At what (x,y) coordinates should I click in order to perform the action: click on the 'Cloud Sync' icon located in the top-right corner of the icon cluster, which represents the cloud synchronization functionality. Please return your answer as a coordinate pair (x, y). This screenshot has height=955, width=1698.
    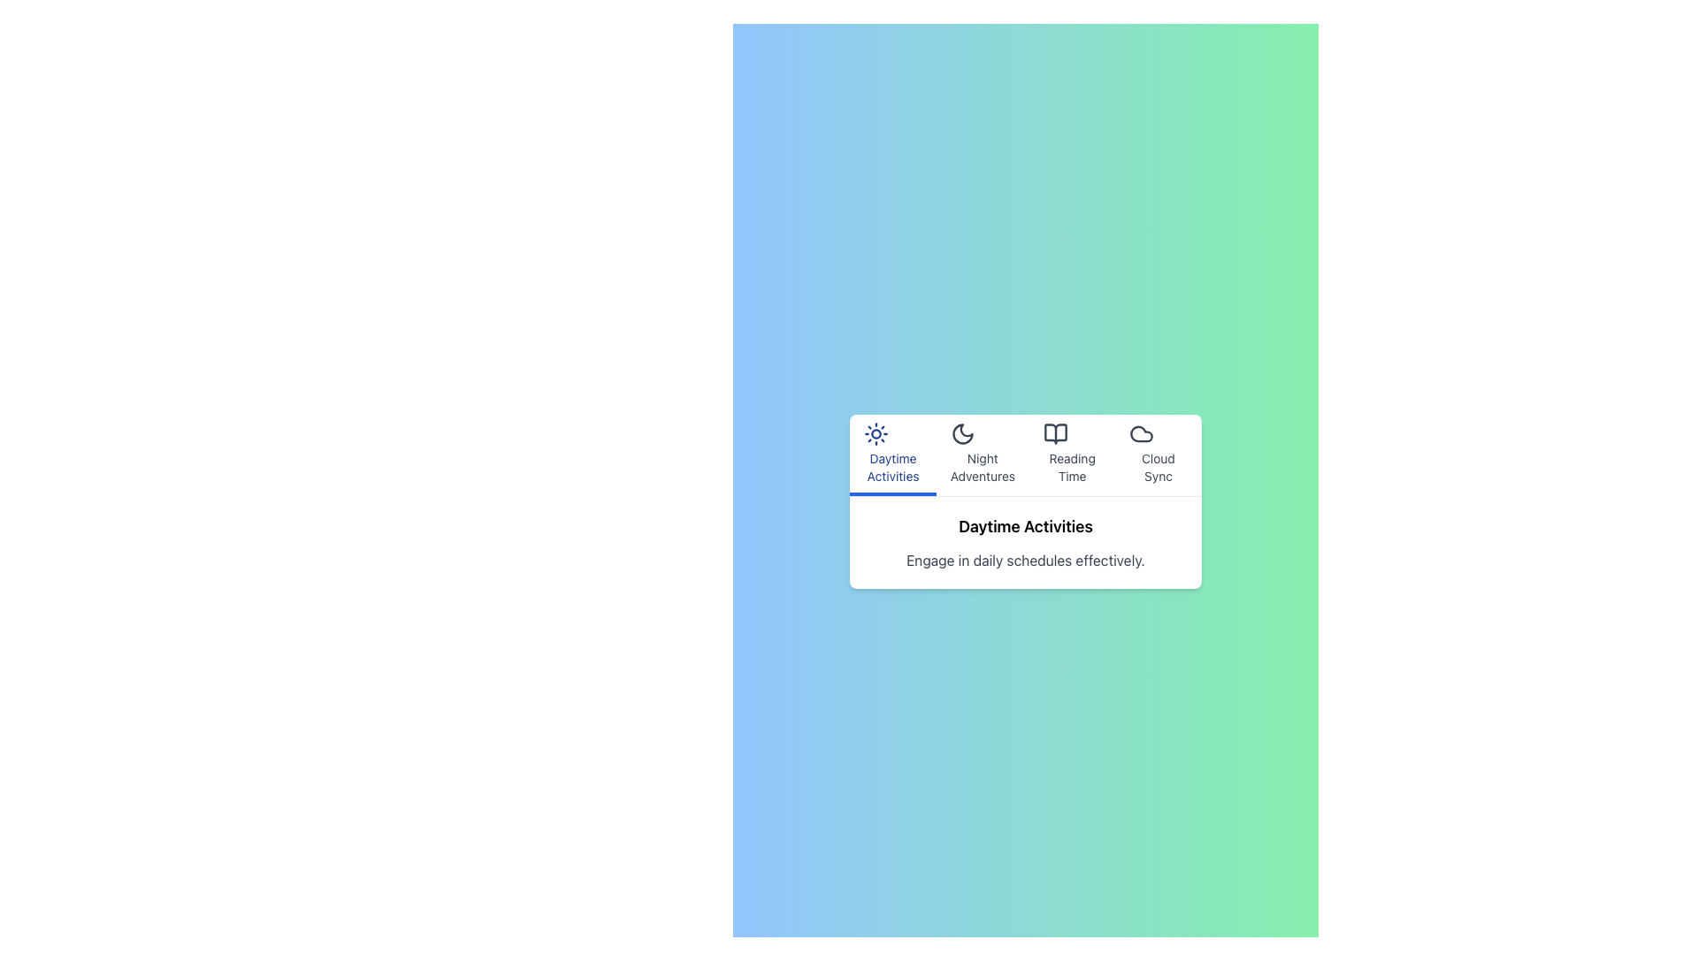
    Looking at the image, I should click on (1142, 433).